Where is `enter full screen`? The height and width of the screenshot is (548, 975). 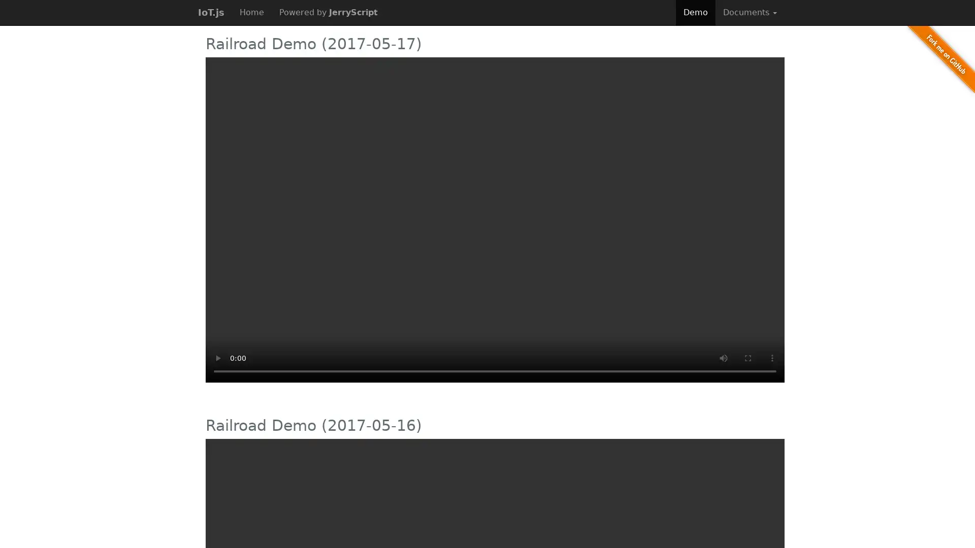 enter full screen is located at coordinates (748, 357).